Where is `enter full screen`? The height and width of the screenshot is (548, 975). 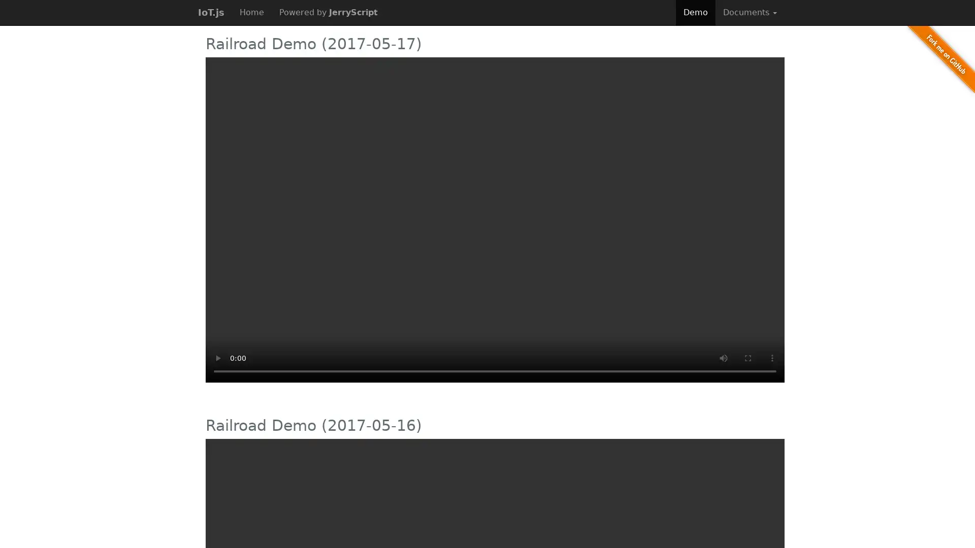 enter full screen is located at coordinates (748, 357).